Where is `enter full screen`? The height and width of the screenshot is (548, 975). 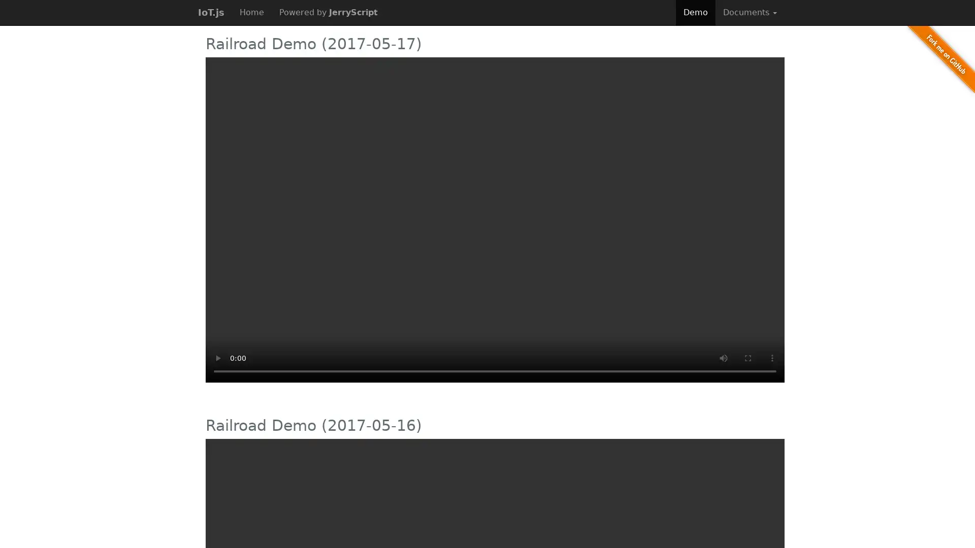 enter full screen is located at coordinates (748, 357).